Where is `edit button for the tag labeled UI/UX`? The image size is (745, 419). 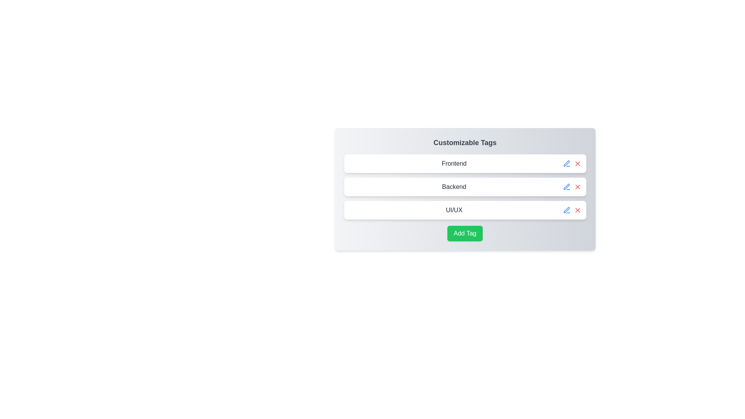 edit button for the tag labeled UI/UX is located at coordinates (567, 210).